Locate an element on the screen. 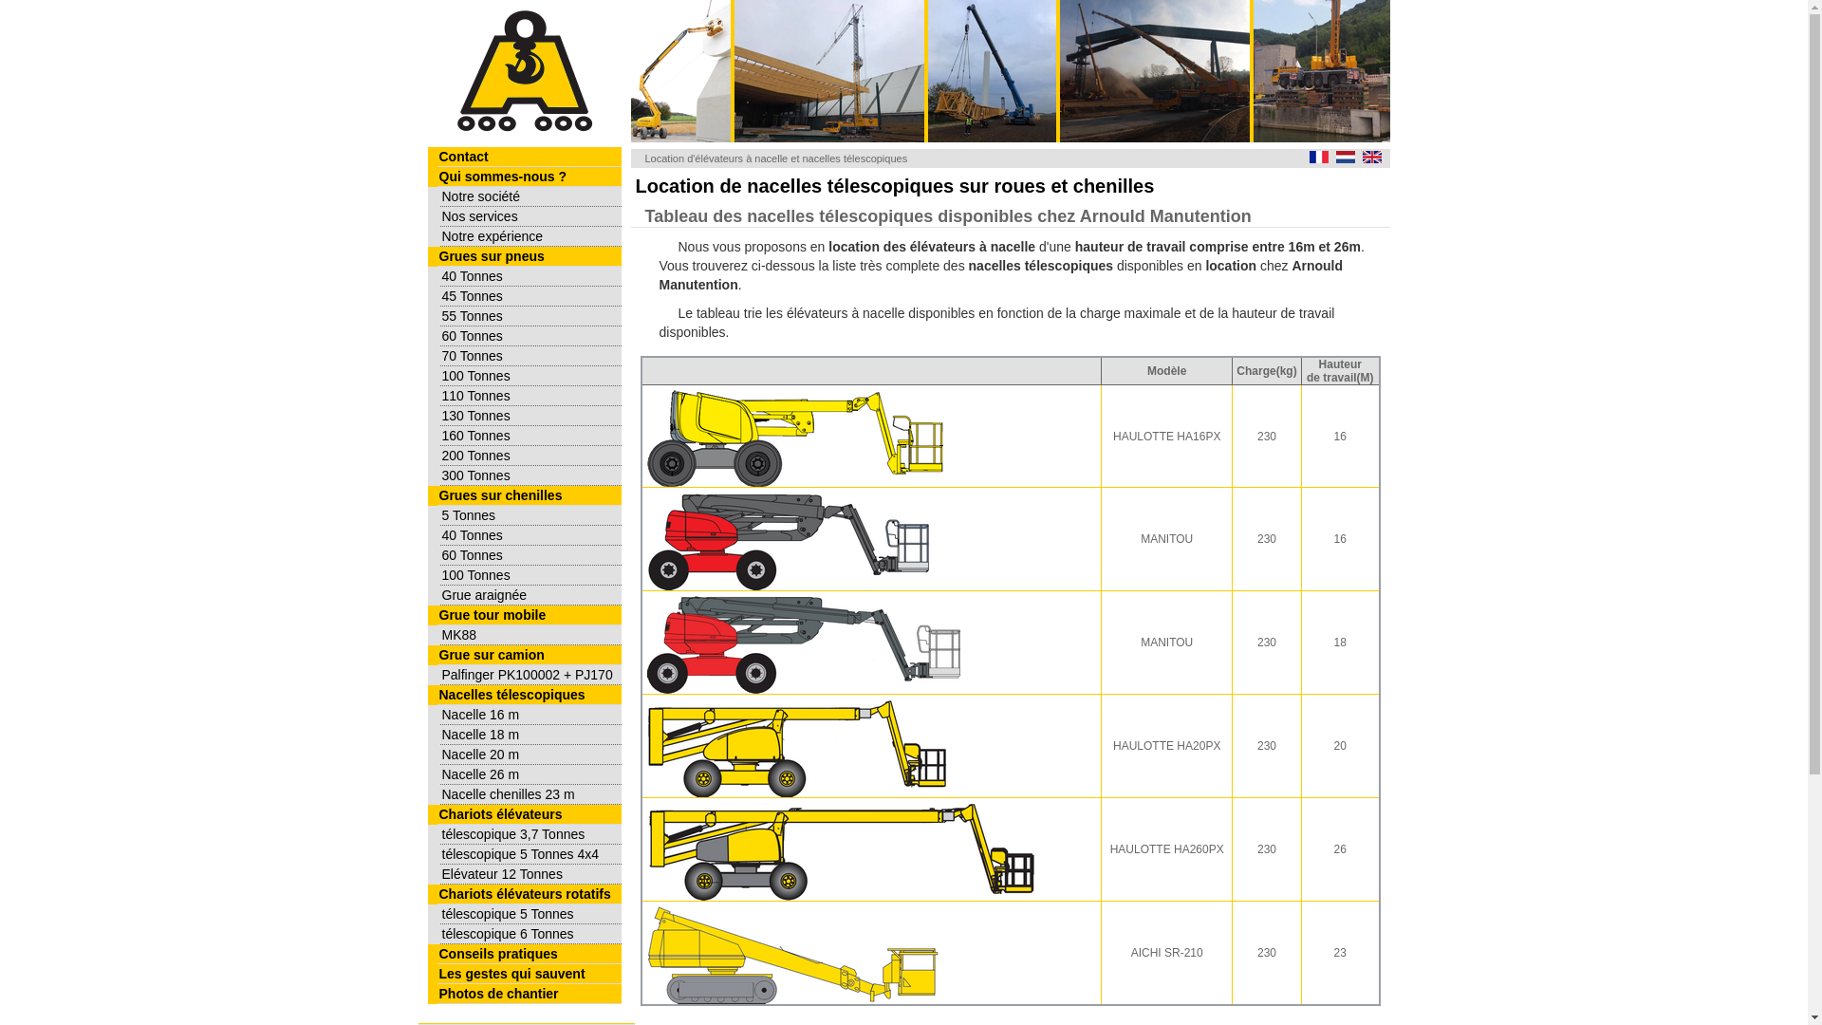 The width and height of the screenshot is (1822, 1025). 'Photos de chantier' is located at coordinates (528, 993).